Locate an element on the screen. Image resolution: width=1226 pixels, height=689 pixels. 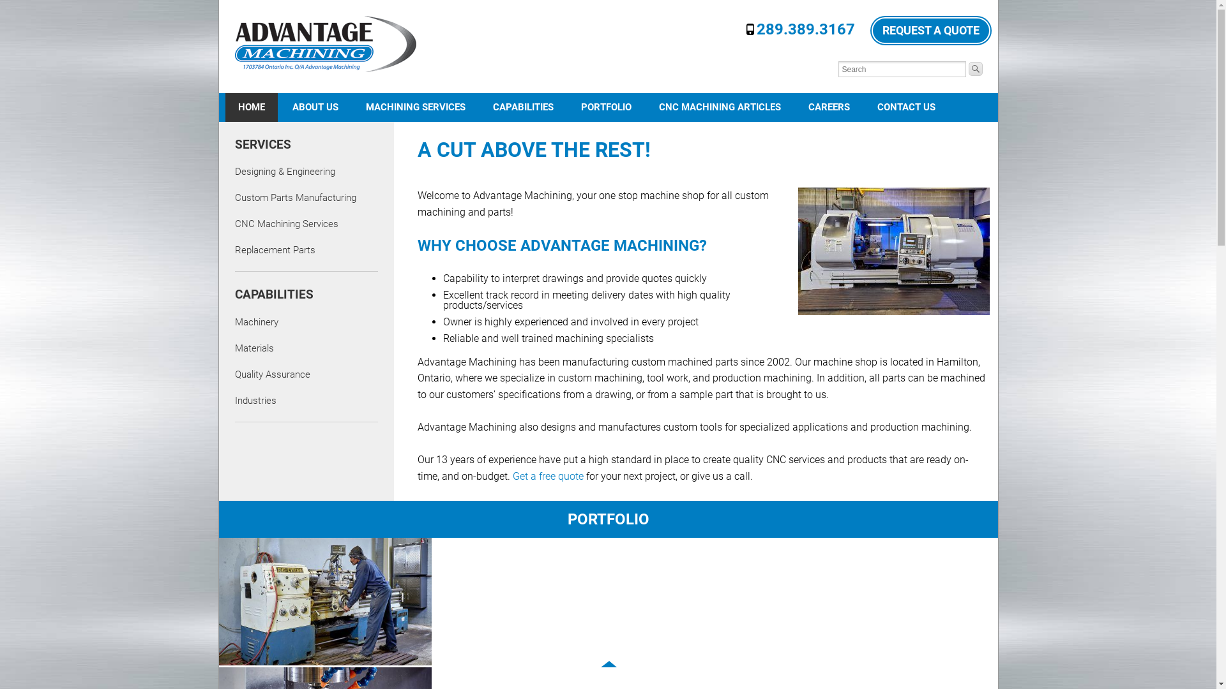
'Industries' is located at coordinates (255, 400).